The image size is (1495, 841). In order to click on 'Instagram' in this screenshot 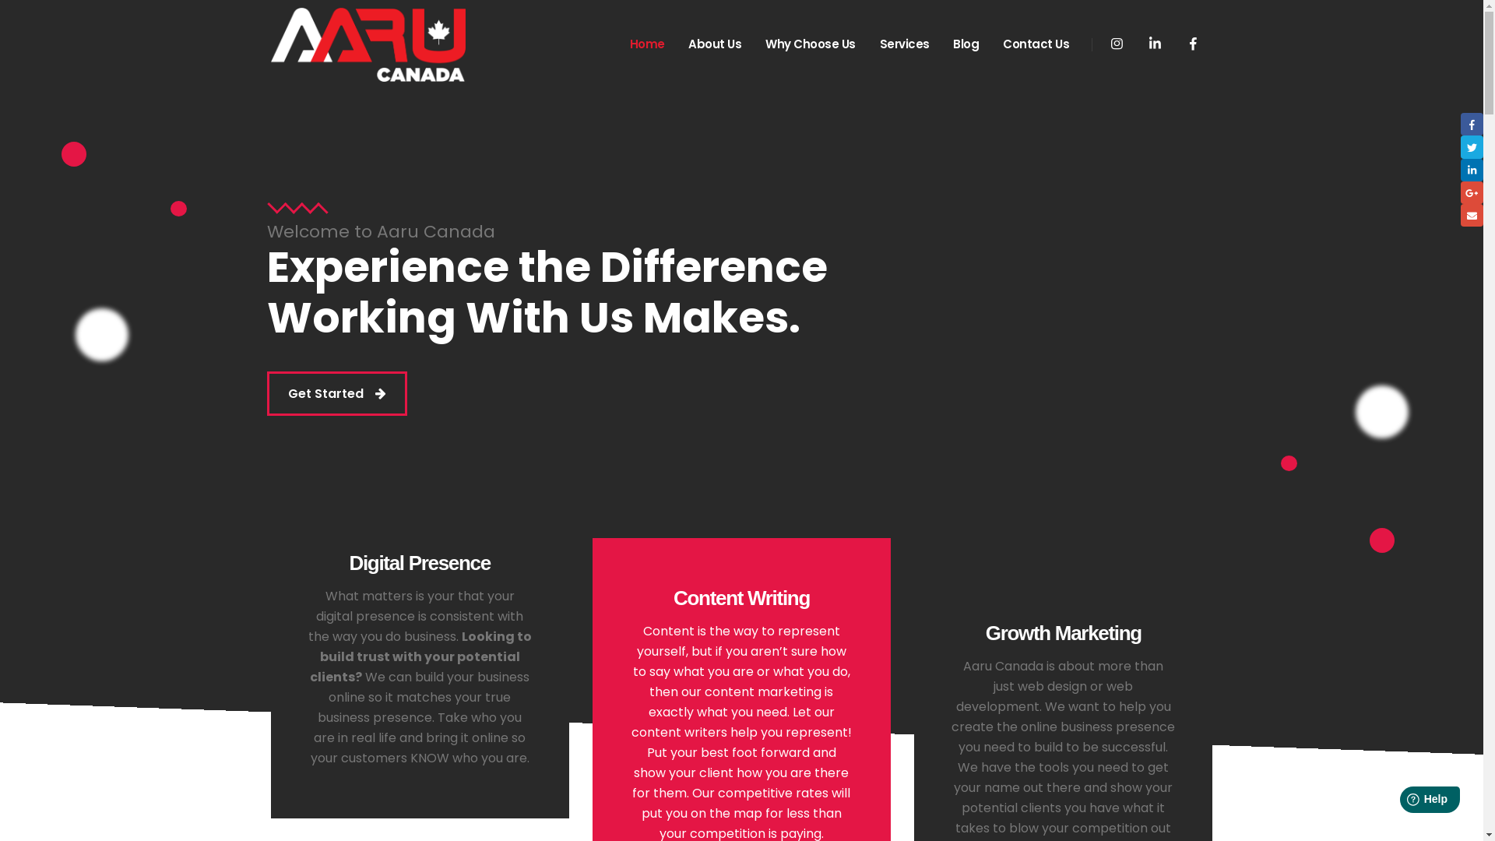, I will do `click(1097, 43)`.